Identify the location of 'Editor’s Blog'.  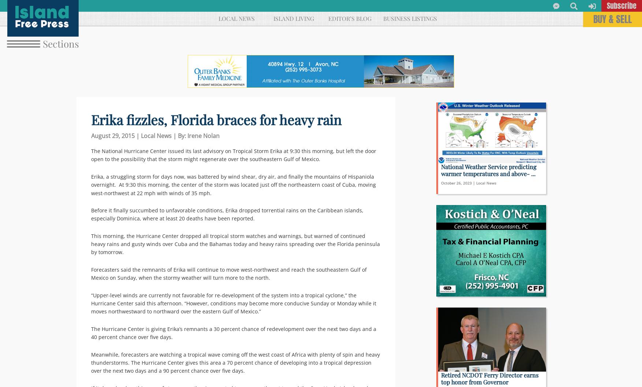
(328, 18).